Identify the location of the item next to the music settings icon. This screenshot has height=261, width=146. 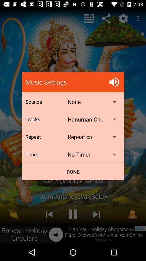
(114, 82).